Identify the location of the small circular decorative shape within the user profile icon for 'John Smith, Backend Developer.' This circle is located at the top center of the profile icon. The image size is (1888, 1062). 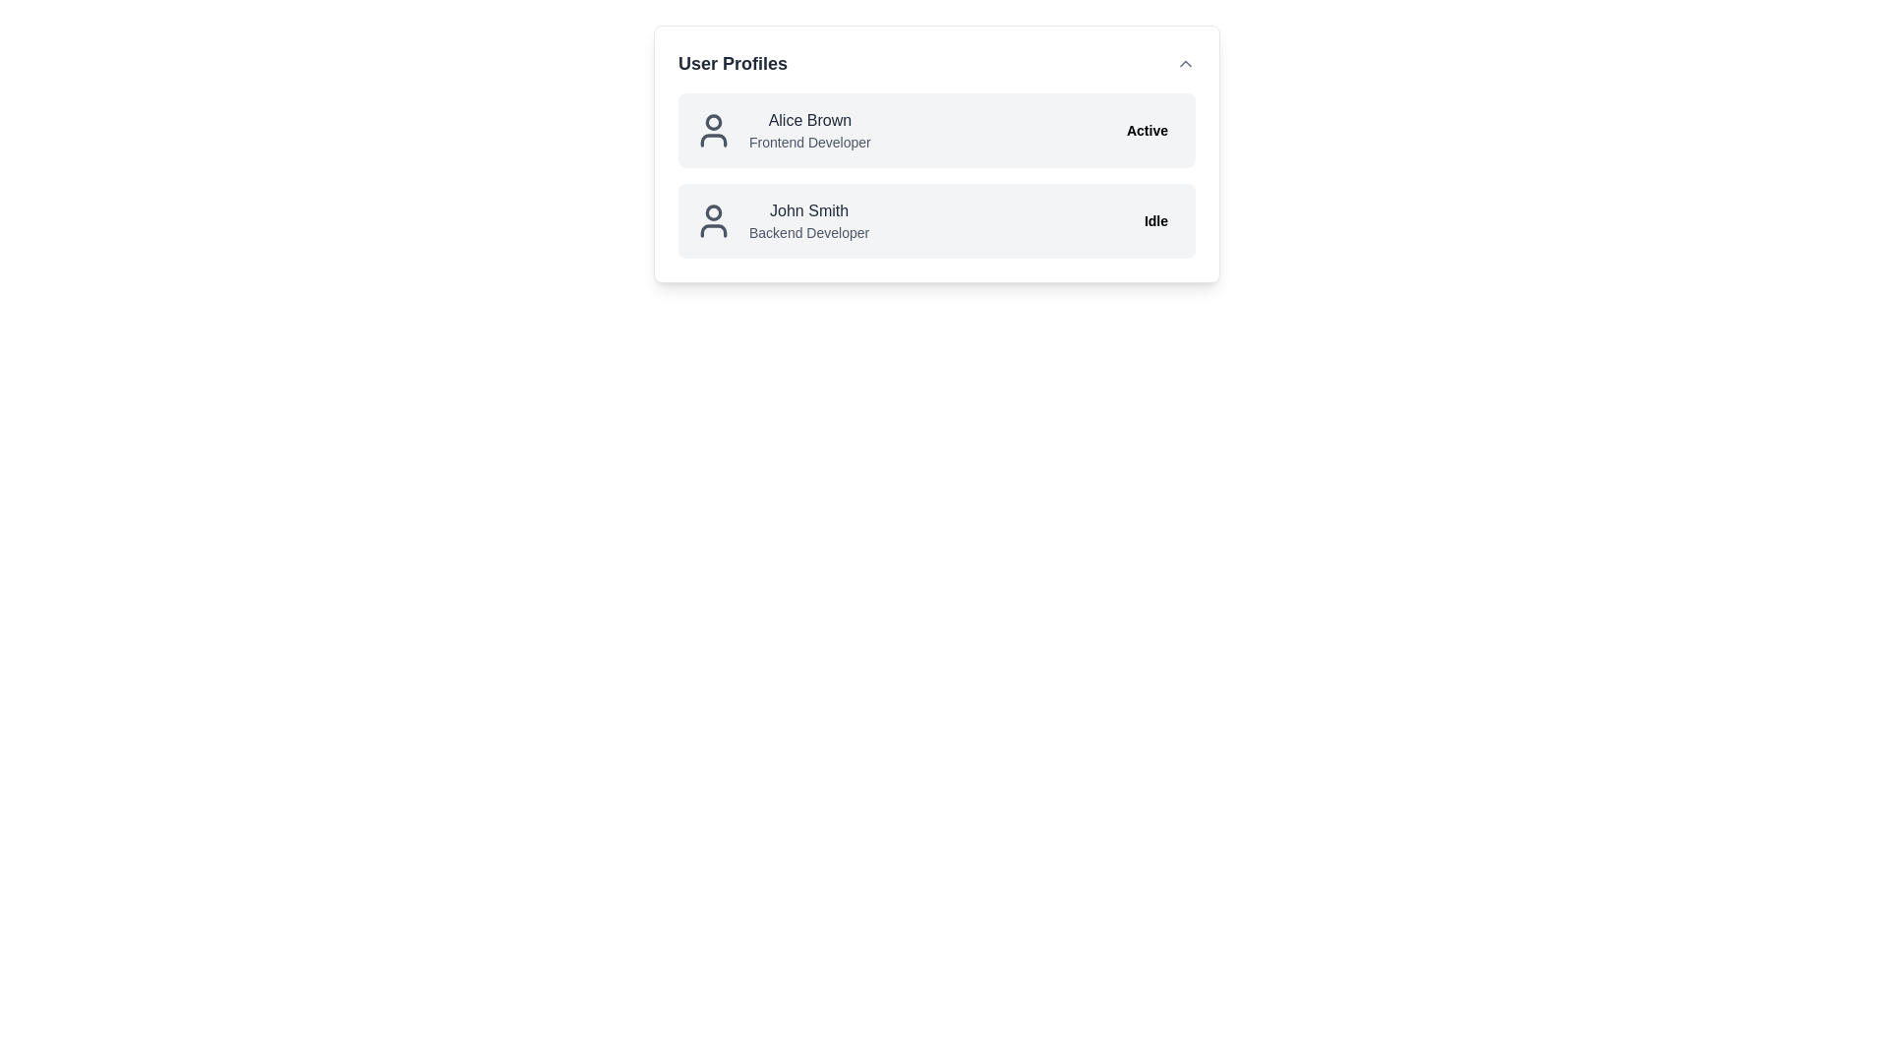
(712, 212).